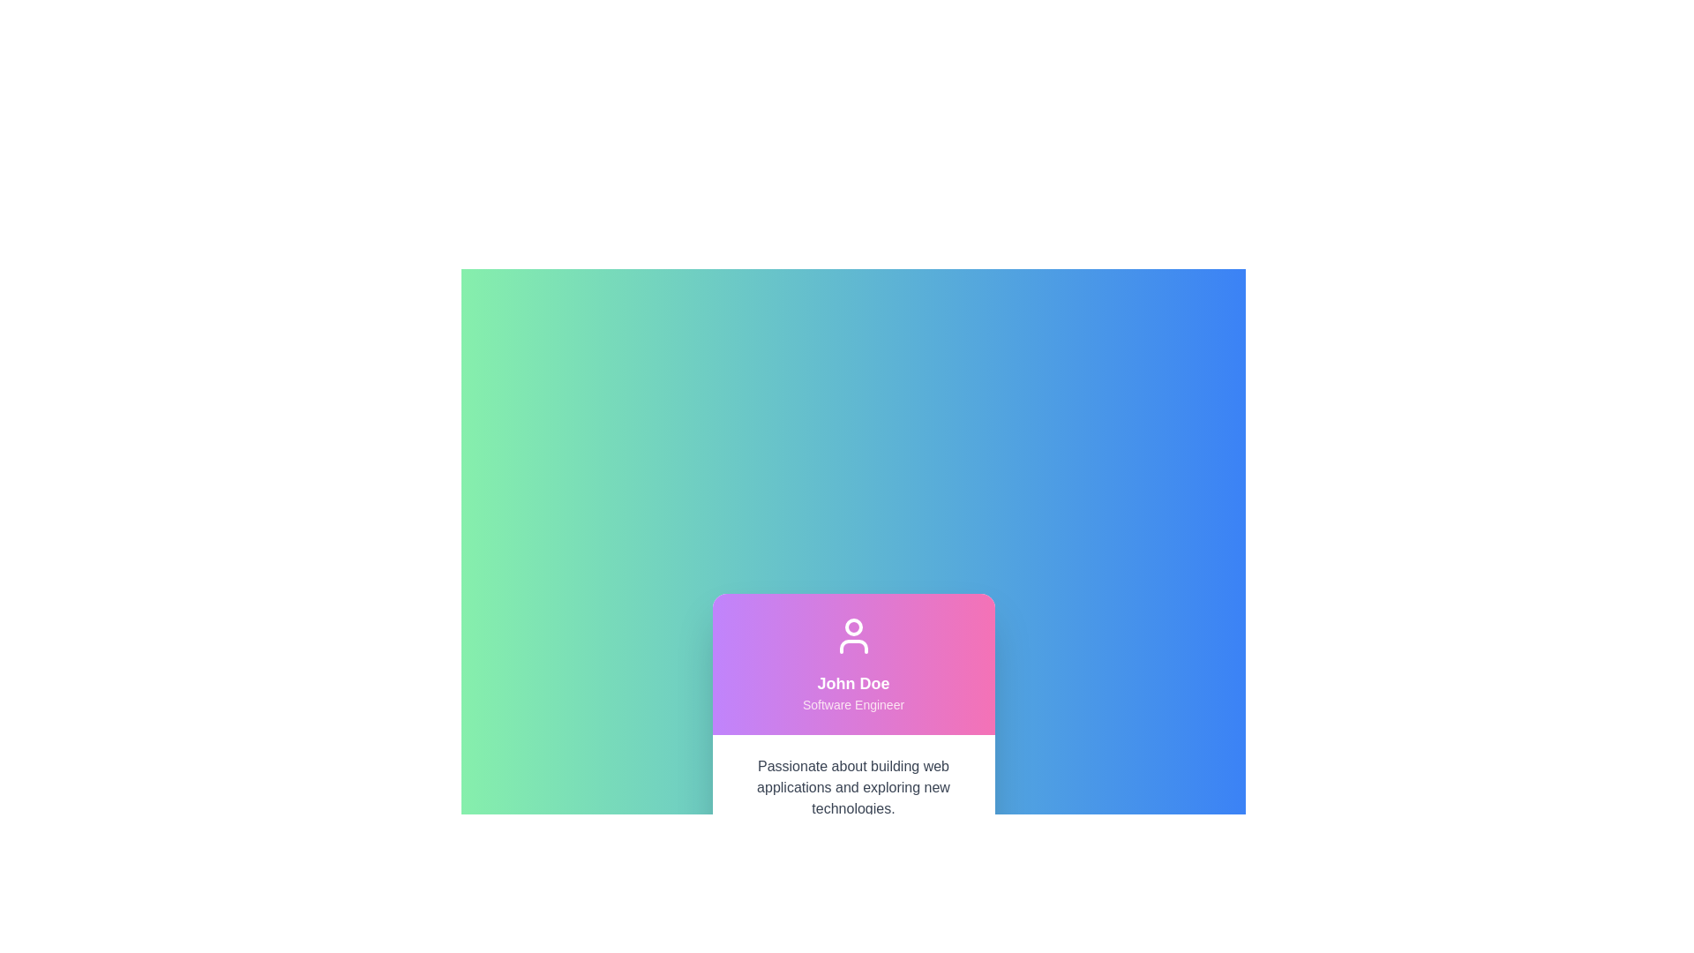 This screenshot has height=953, width=1694. Describe the element at coordinates (853, 626) in the screenshot. I see `the circular graphical element within the SVG that represents a user or profile in the avatar icon, located at the top center of the rectangular card` at that location.